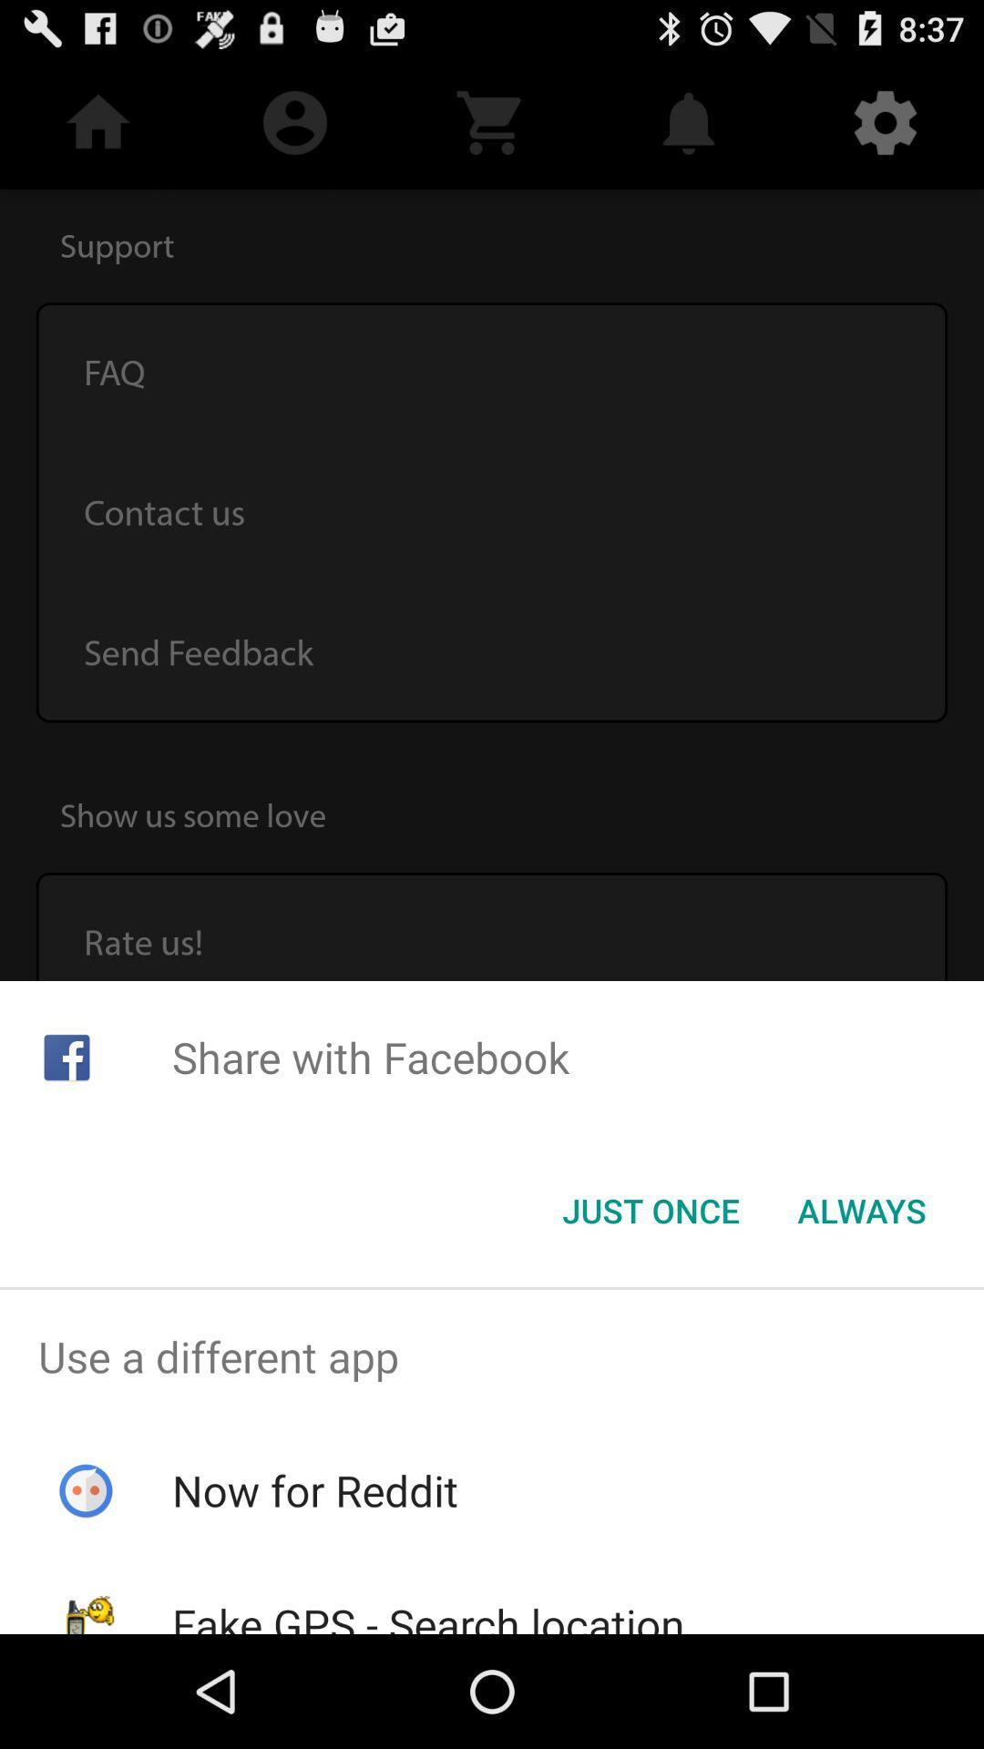 The height and width of the screenshot is (1749, 984). What do you see at coordinates (428, 1614) in the screenshot?
I see `fake gps search item` at bounding box center [428, 1614].